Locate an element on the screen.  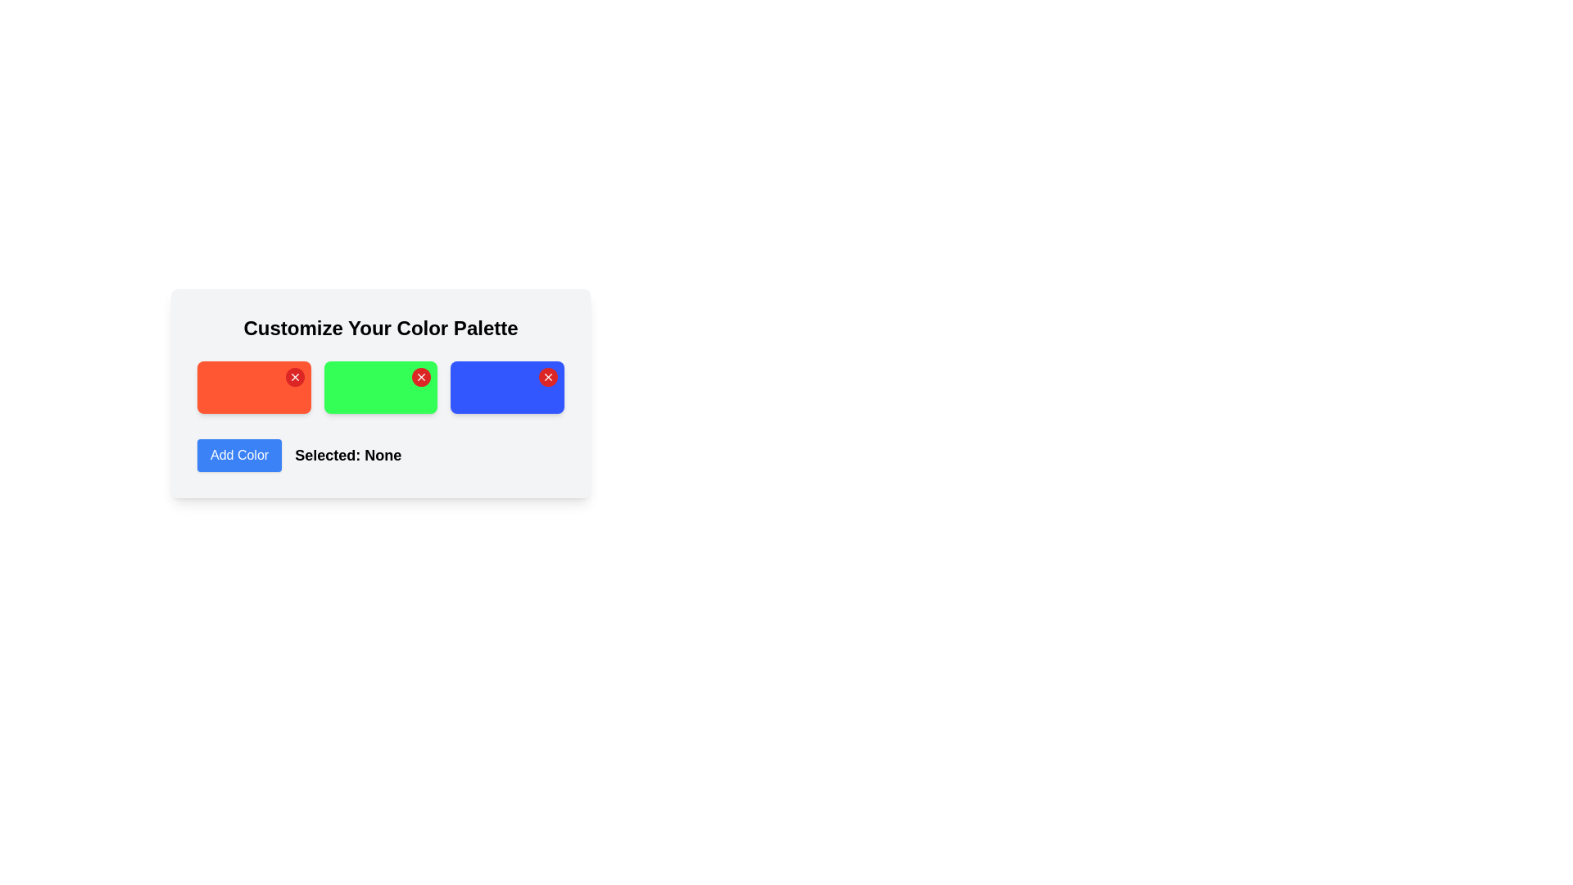
the last 'X' icon in the color palette that corresponds to the blue color option is located at coordinates (548, 377).